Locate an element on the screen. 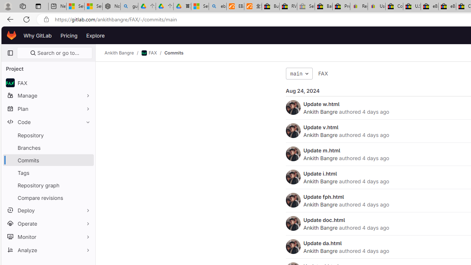  'Compare revisions' is located at coordinates (48, 197).